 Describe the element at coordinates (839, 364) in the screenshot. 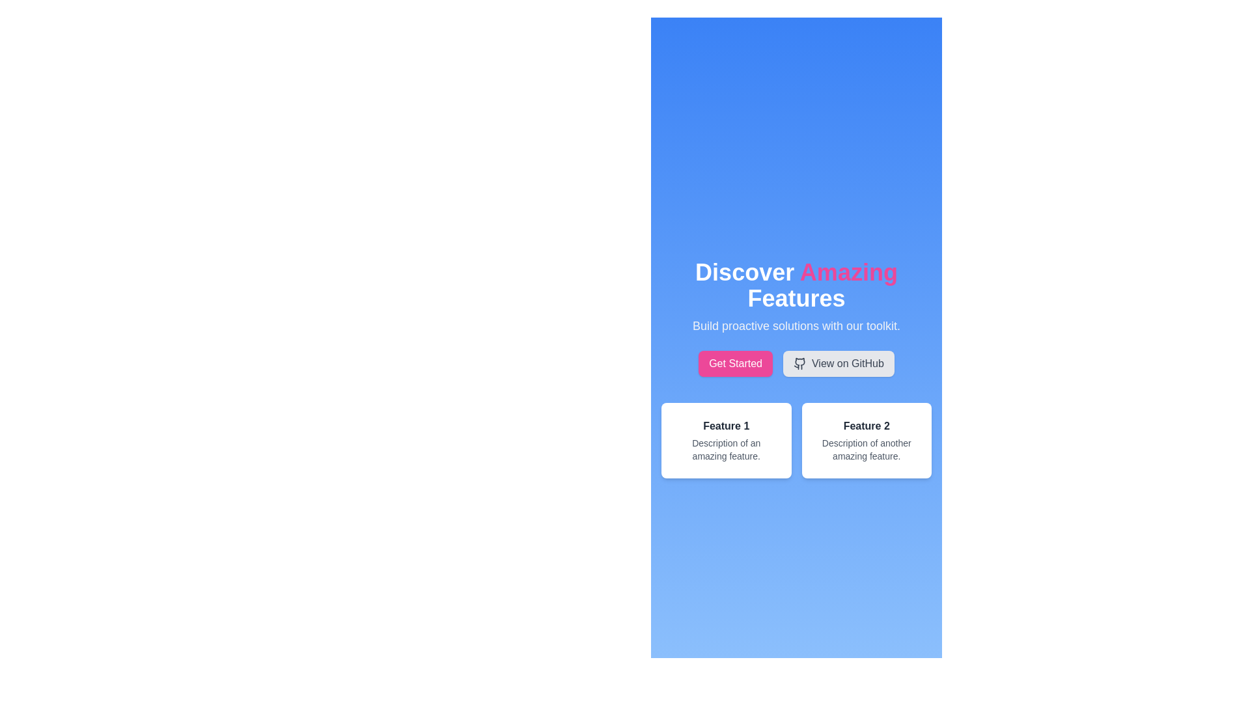

I see `the 'View on GitHub' button, which is a rounded rectangle with a light gray background and a dark gray text` at that location.